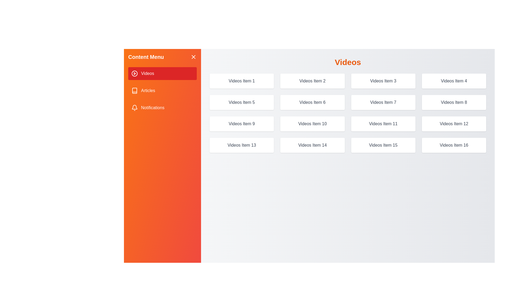 This screenshot has height=289, width=514. Describe the element at coordinates (162, 73) in the screenshot. I see `the category Videos from the drawer menu` at that location.